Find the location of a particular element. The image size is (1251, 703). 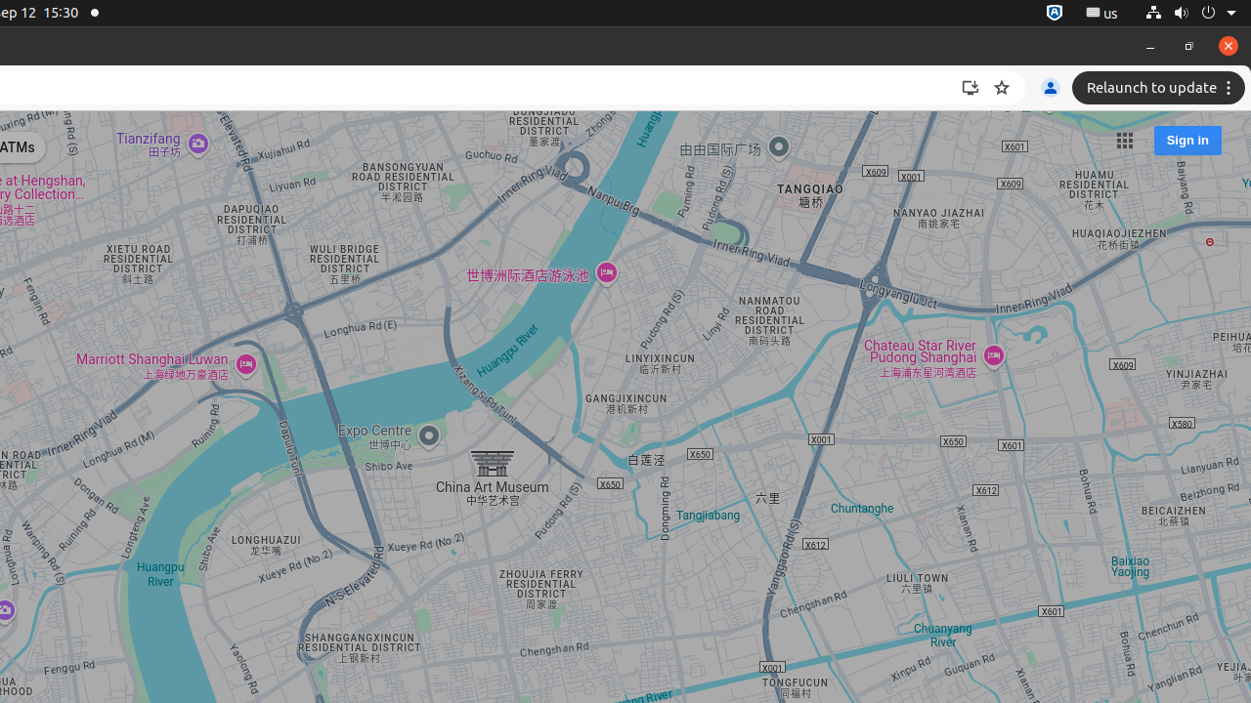

'Bookmark this tab' is located at coordinates (1002, 88).